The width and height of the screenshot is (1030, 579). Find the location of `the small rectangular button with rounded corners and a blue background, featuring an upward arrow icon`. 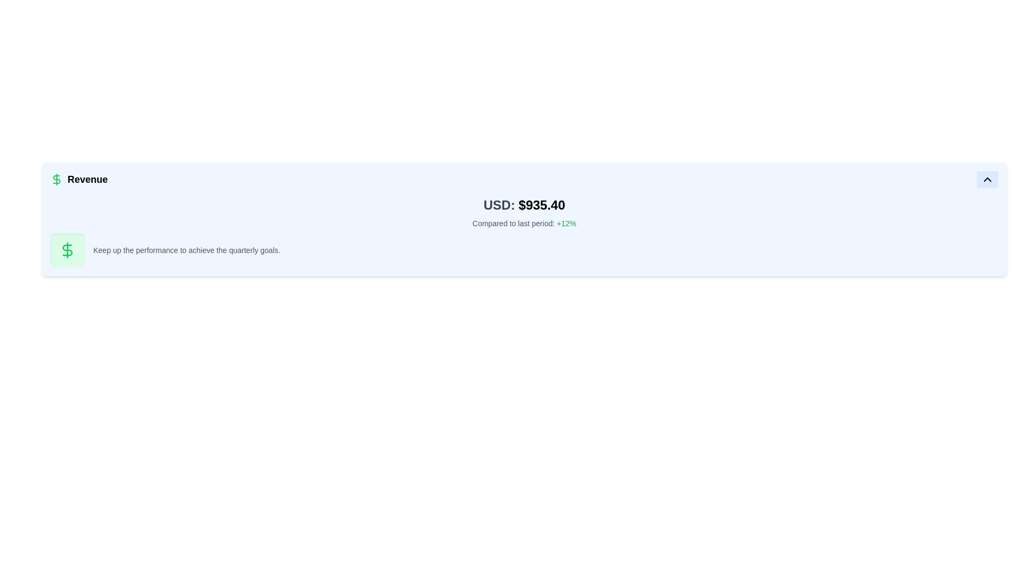

the small rectangular button with rounded corners and a blue background, featuring an upward arrow icon is located at coordinates (987, 179).